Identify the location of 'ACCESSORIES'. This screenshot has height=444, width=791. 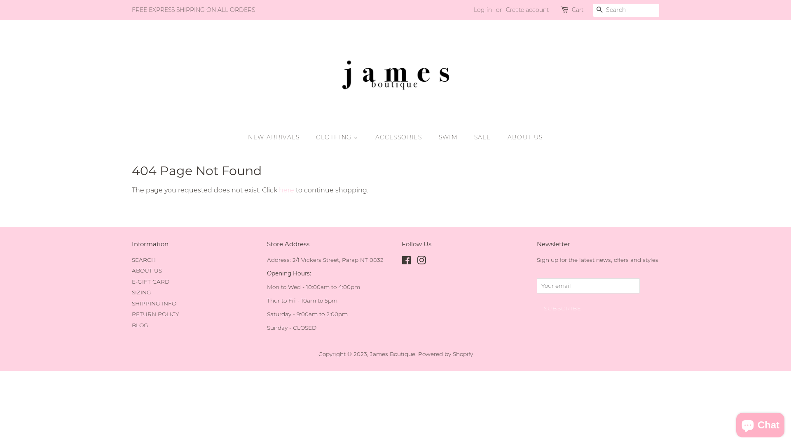
(399, 137).